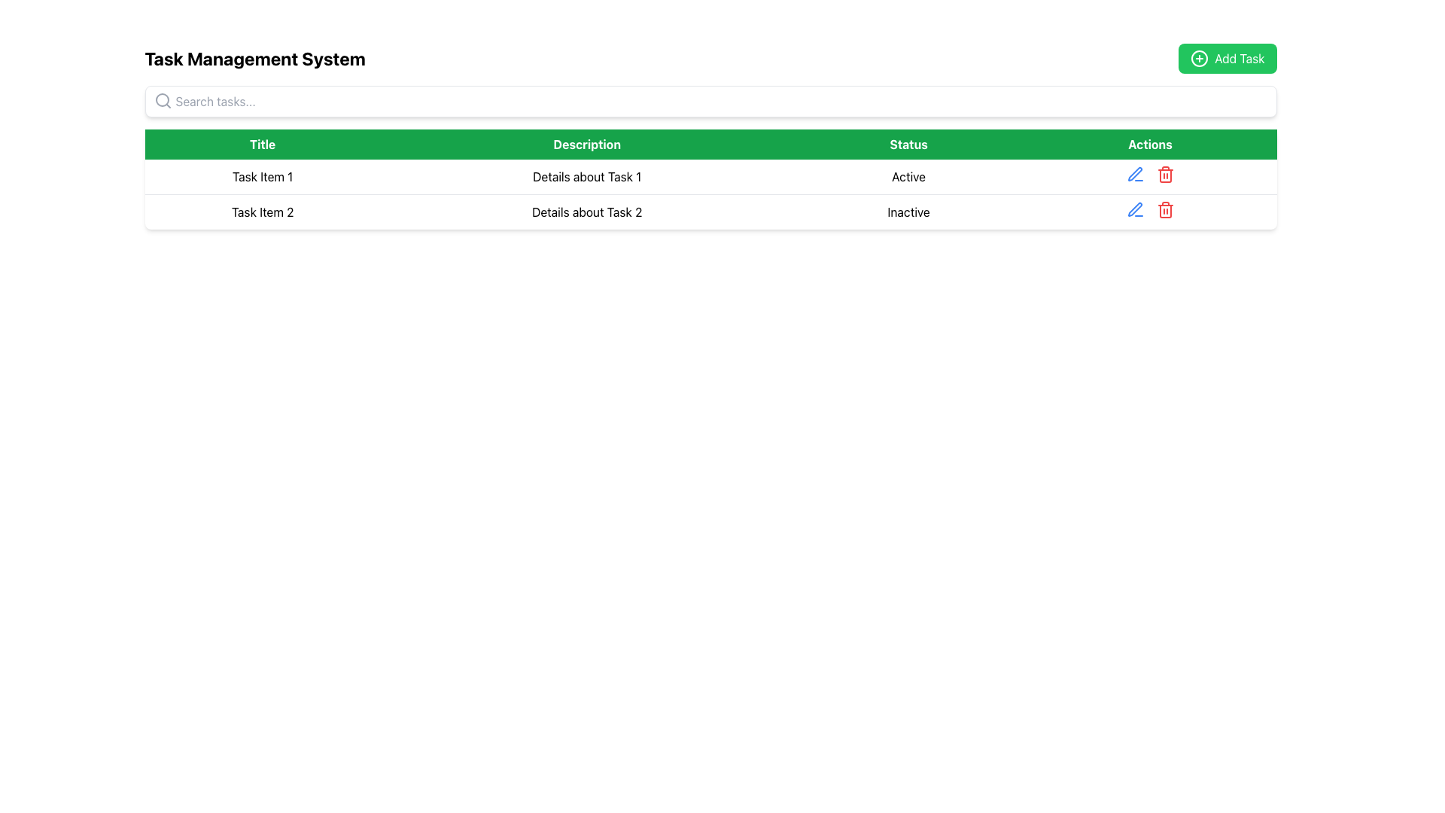  I want to click on the Table Header Cell labeled 'Status', which has a green background and white text, located in the header row of a table, so click(908, 145).